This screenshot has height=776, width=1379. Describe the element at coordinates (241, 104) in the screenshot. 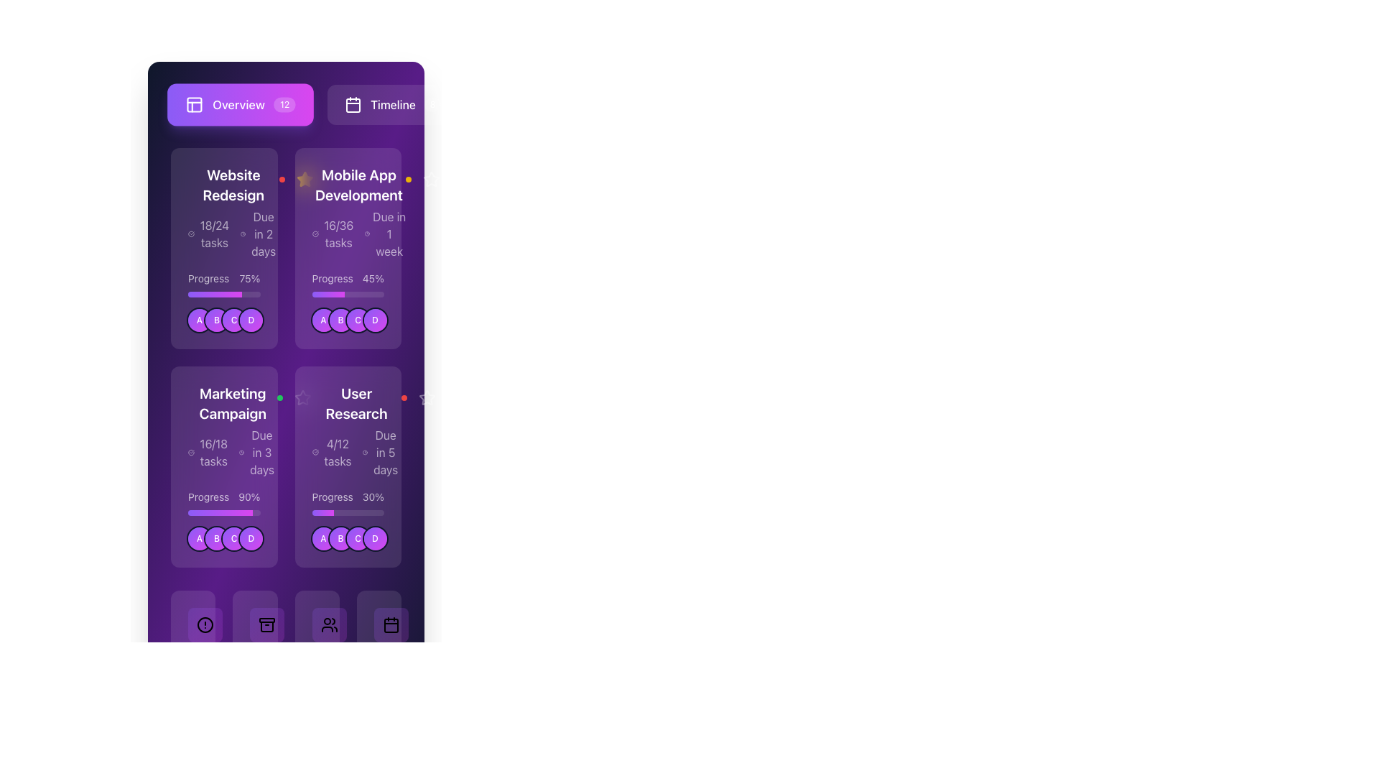

I see `the 'Overview' button, which is a rectangular button with a gradient from violet to fuchsia, featuring a grid icon on the left and a badge with the number '12' on the right` at that location.